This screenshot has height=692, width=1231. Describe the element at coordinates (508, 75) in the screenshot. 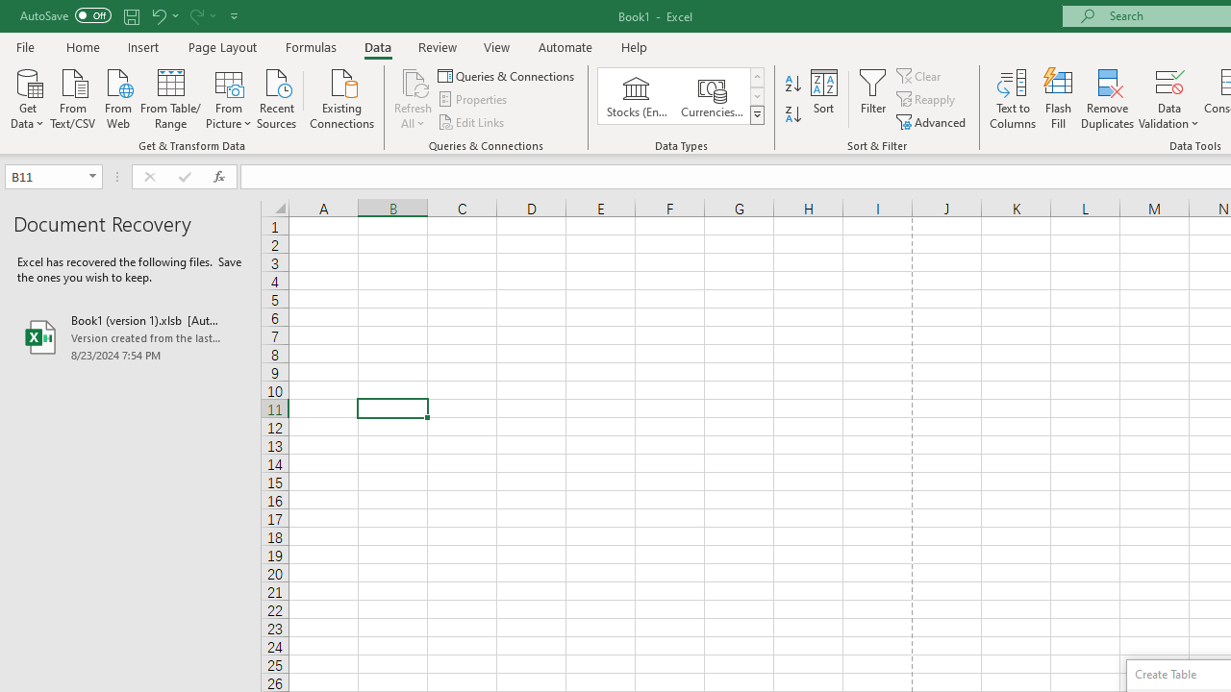

I see `'Queries & Connections'` at that location.